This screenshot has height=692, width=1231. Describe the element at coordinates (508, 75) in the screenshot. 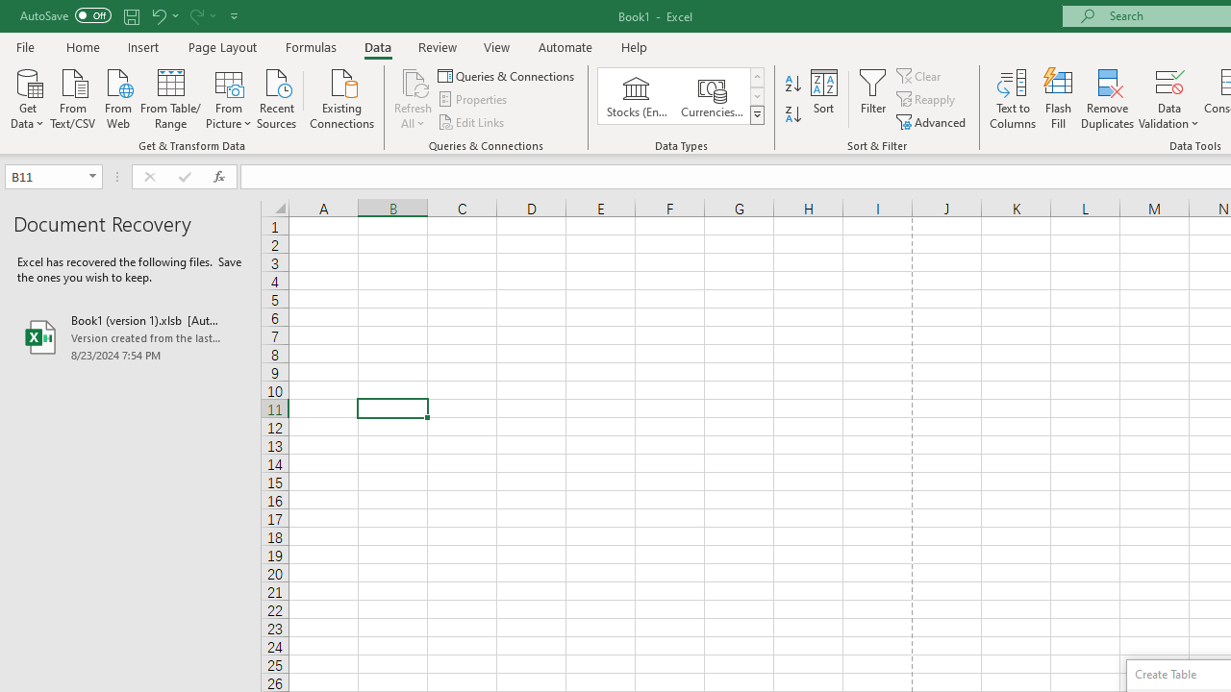

I see `'Queries & Connections'` at that location.